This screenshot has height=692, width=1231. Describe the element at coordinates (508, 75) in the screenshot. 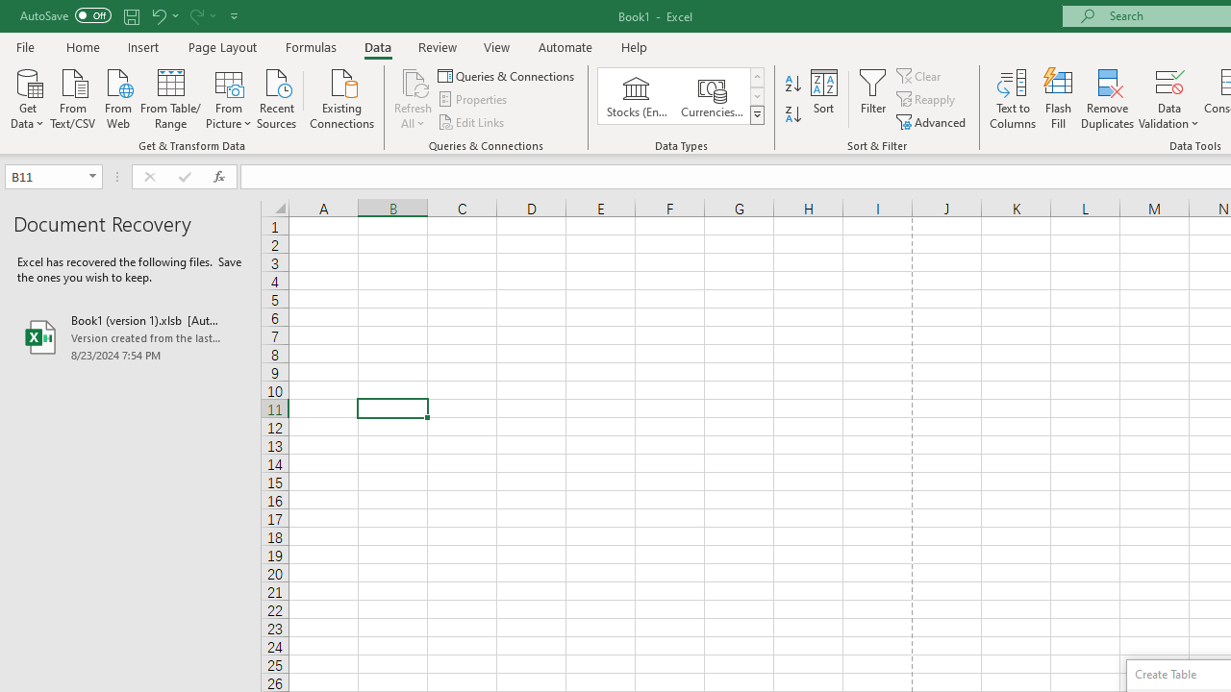

I see `'Queries & Connections'` at that location.